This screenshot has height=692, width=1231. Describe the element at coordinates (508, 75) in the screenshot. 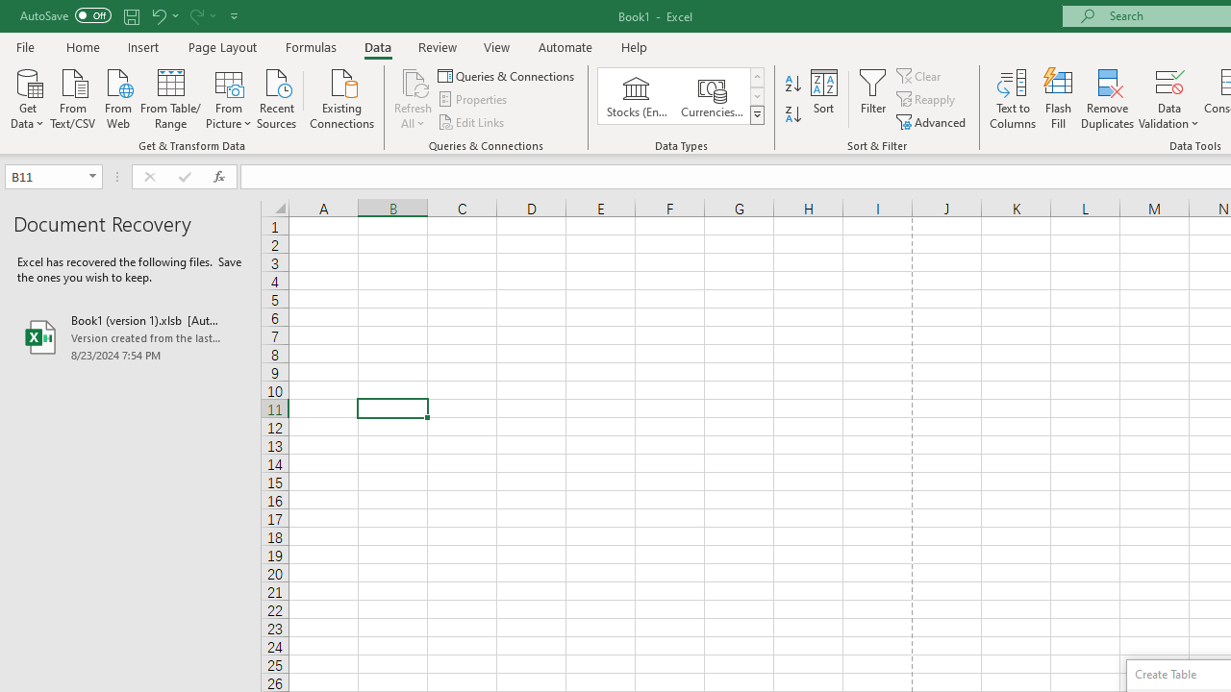

I see `'Queries & Connections'` at that location.